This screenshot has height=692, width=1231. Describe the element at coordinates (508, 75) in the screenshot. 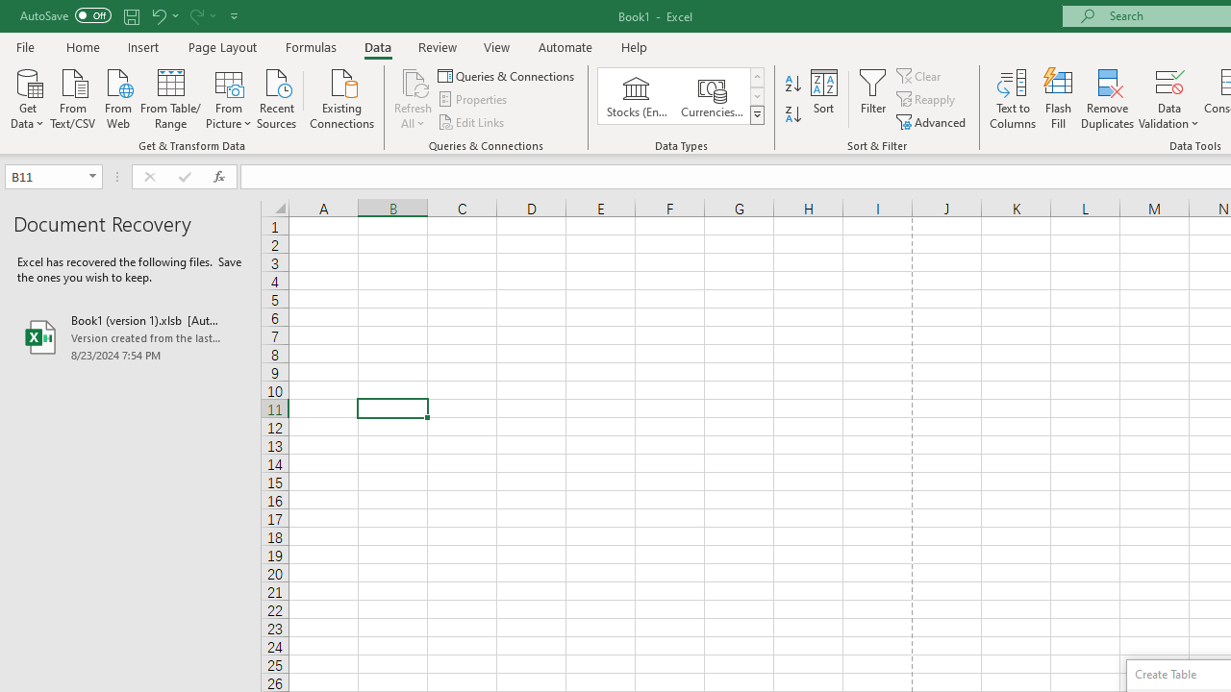

I see `'Queries & Connections'` at that location.